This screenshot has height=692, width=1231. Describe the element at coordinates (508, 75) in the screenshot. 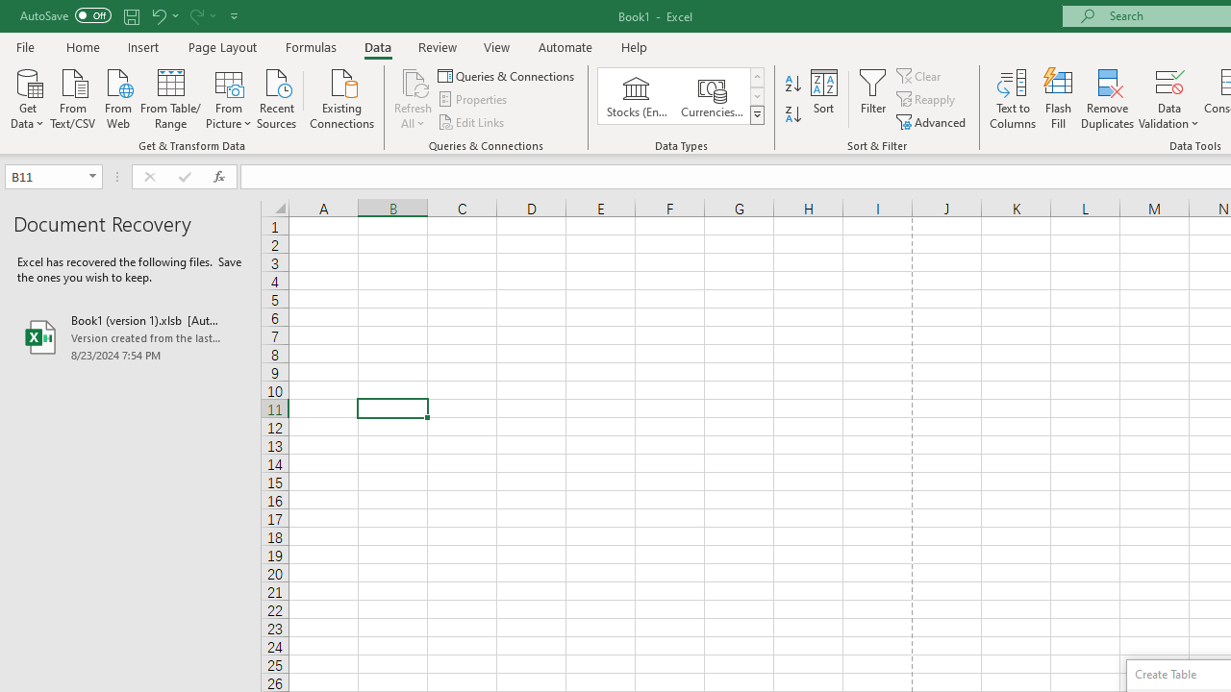

I see `'Queries & Connections'` at that location.